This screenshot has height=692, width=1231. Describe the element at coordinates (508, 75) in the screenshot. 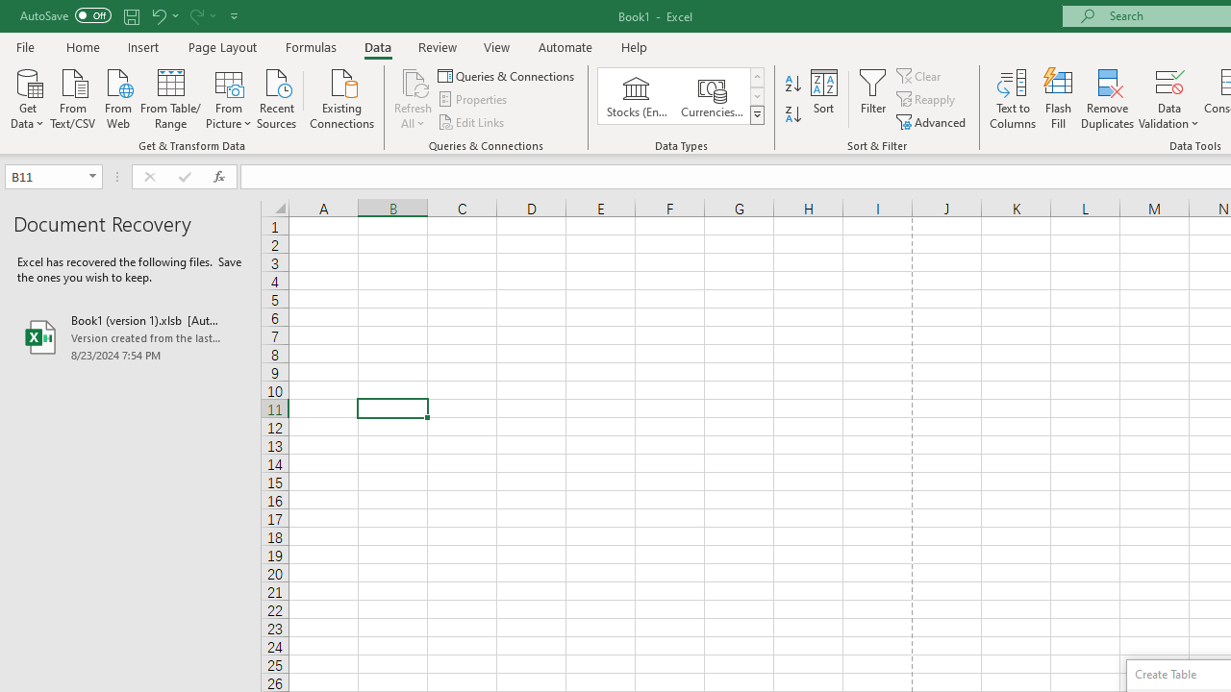

I see `'Queries & Connections'` at that location.